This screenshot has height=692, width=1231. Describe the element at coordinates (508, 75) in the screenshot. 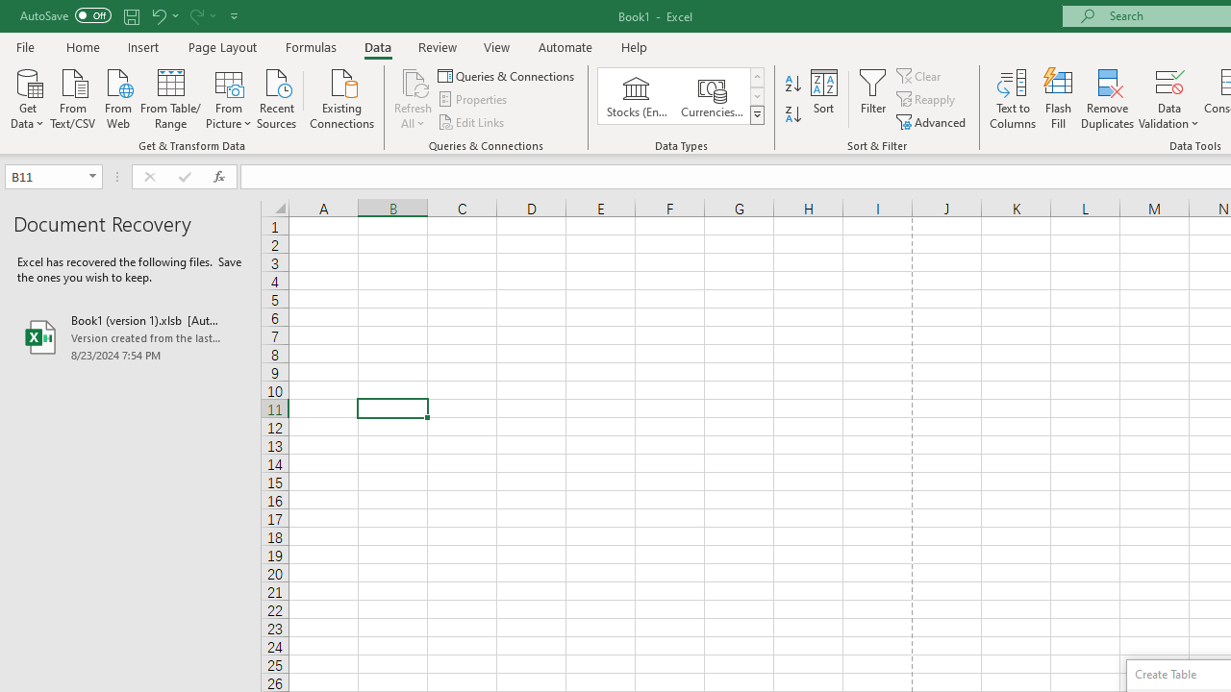

I see `'Queries & Connections'` at that location.